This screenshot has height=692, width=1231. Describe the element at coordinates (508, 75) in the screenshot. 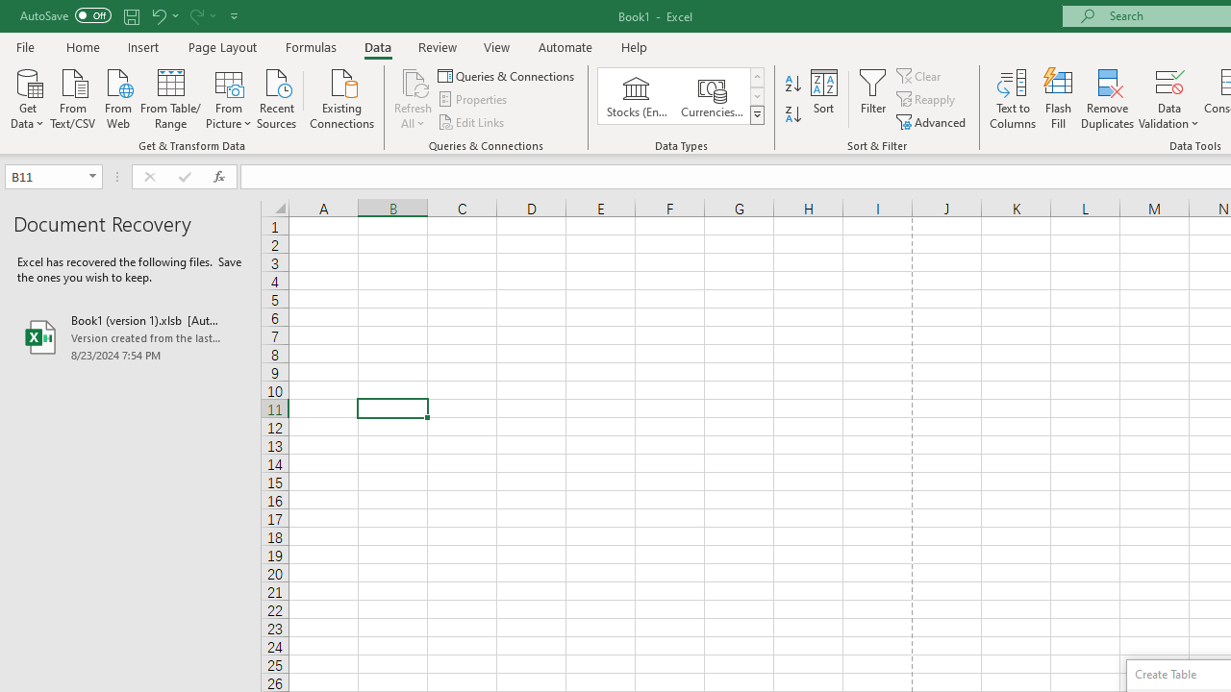

I see `'Queries & Connections'` at that location.